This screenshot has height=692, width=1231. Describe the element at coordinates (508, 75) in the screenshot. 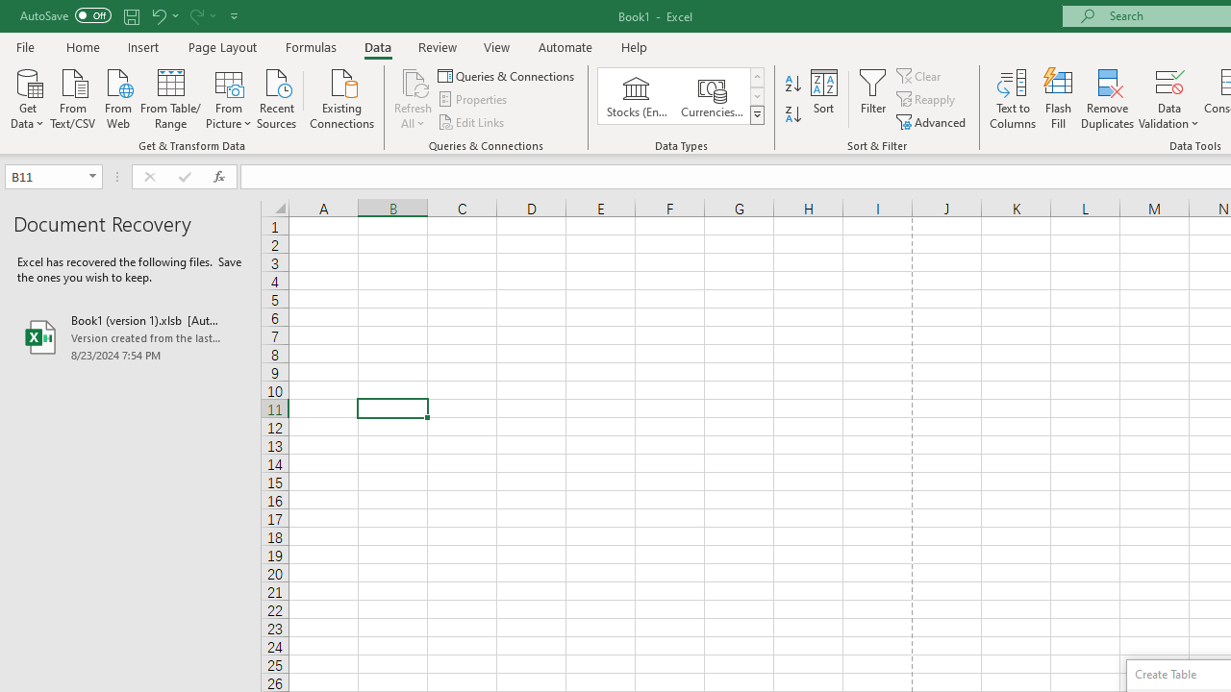

I see `'Queries & Connections'` at that location.